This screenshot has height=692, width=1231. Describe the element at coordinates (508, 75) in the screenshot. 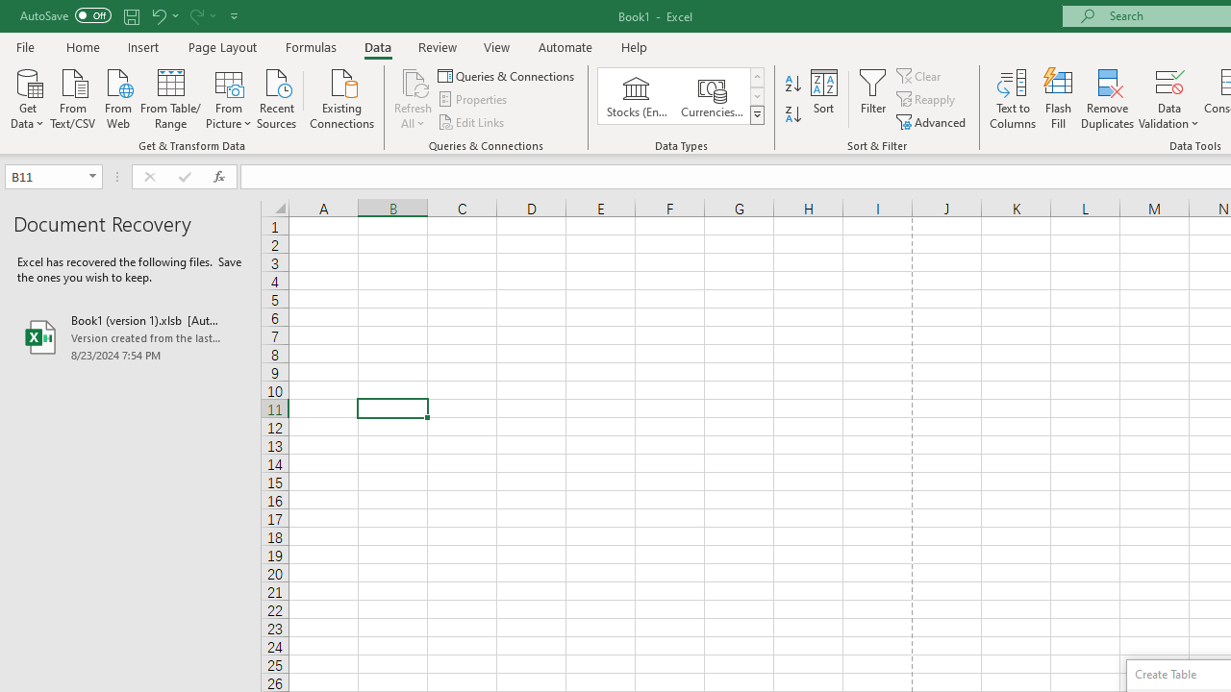

I see `'Queries & Connections'` at that location.